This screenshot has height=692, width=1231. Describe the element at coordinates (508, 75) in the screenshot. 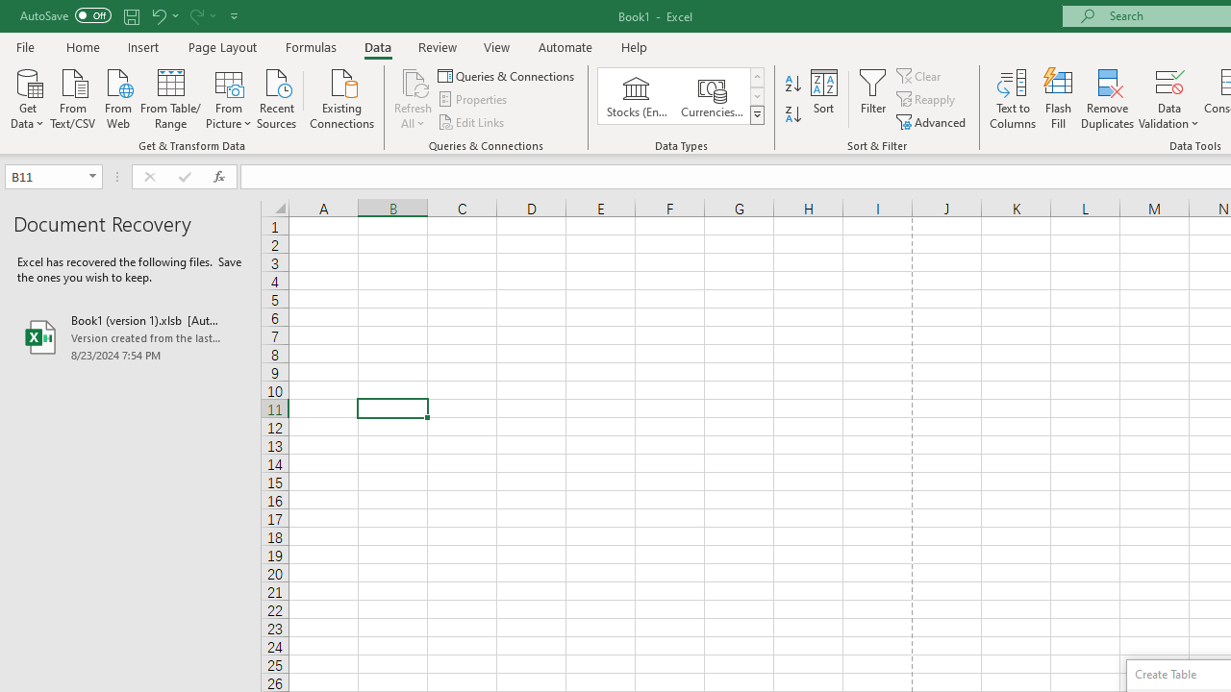

I see `'Queries & Connections'` at that location.